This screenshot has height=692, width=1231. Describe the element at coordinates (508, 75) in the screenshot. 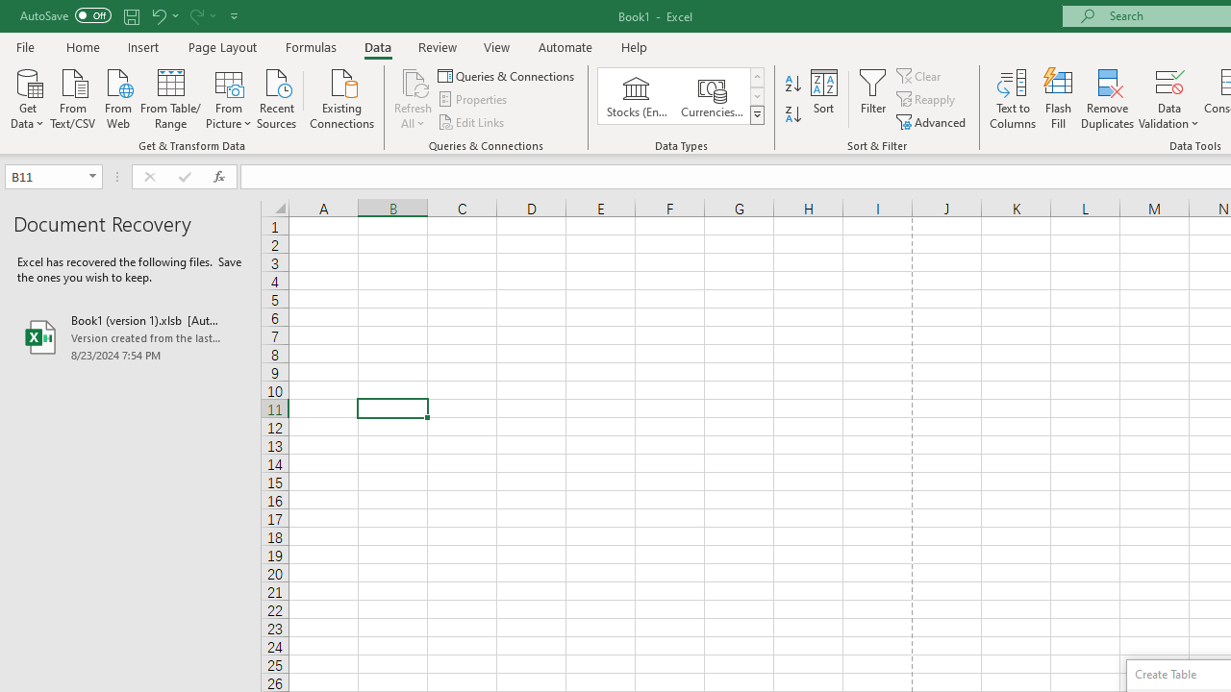

I see `'Queries & Connections'` at that location.